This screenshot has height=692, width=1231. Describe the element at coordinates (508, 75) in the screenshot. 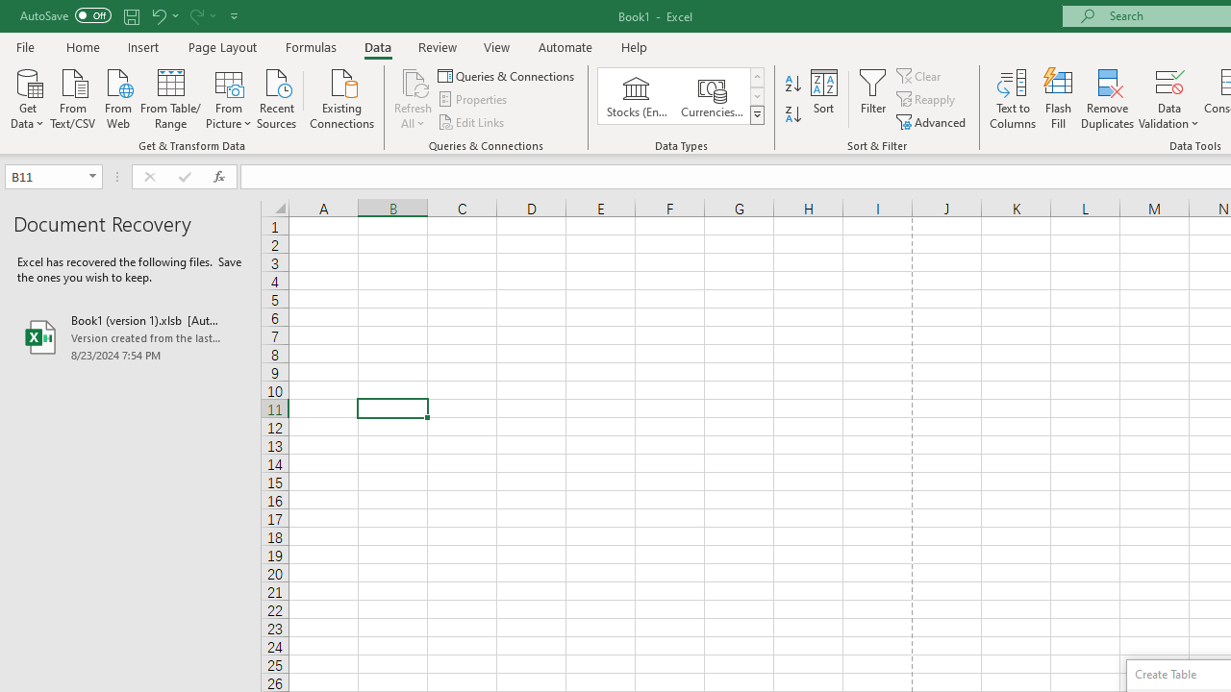

I see `'Queries & Connections'` at that location.